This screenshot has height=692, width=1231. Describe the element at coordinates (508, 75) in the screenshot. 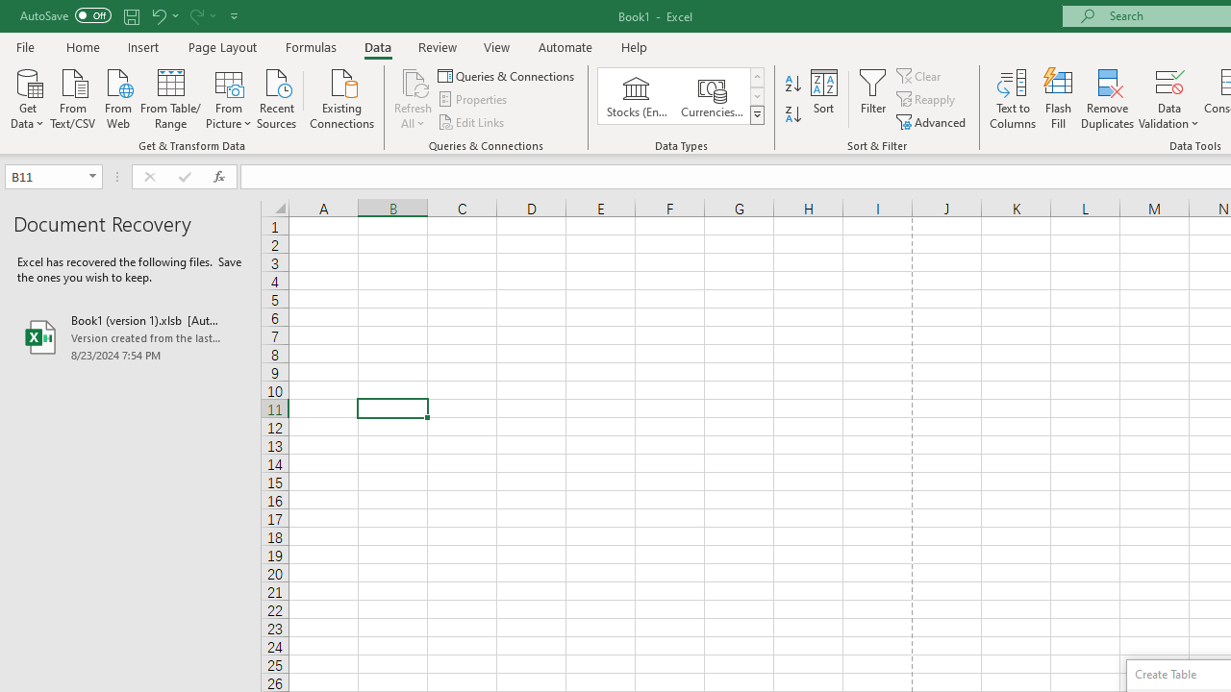

I see `'Queries & Connections'` at that location.